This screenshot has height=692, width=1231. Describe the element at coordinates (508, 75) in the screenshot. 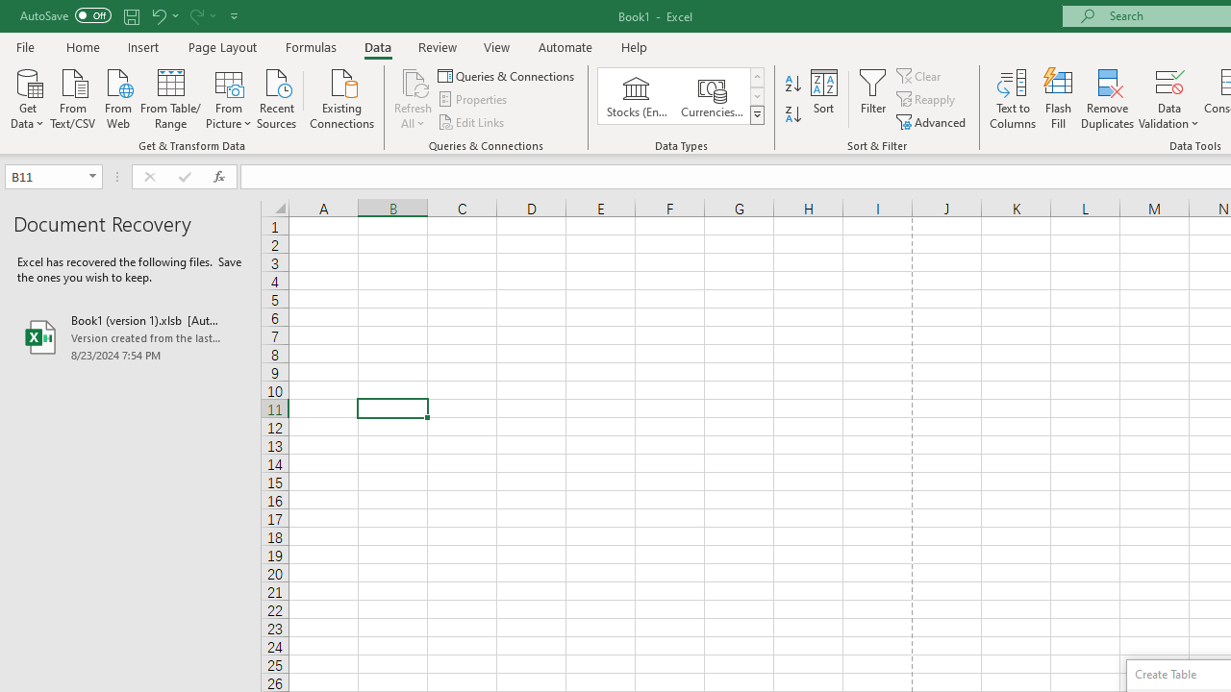

I see `'Queries & Connections'` at that location.